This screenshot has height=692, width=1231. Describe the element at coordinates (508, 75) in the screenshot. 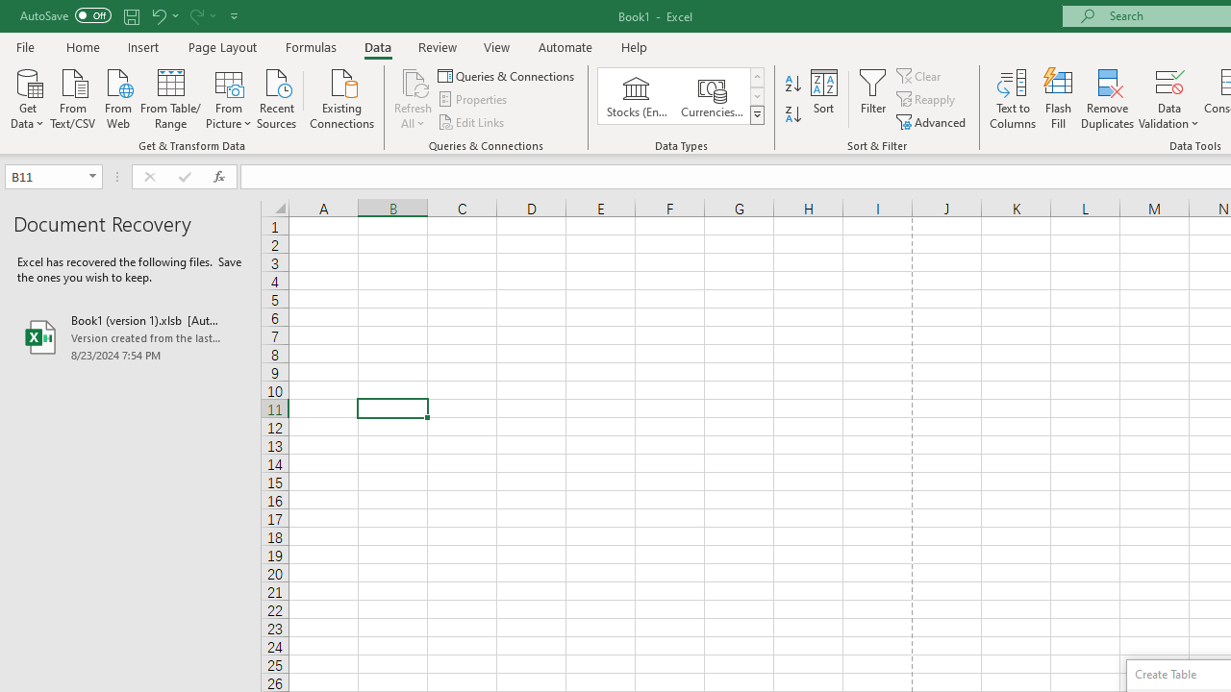

I see `'Queries & Connections'` at that location.